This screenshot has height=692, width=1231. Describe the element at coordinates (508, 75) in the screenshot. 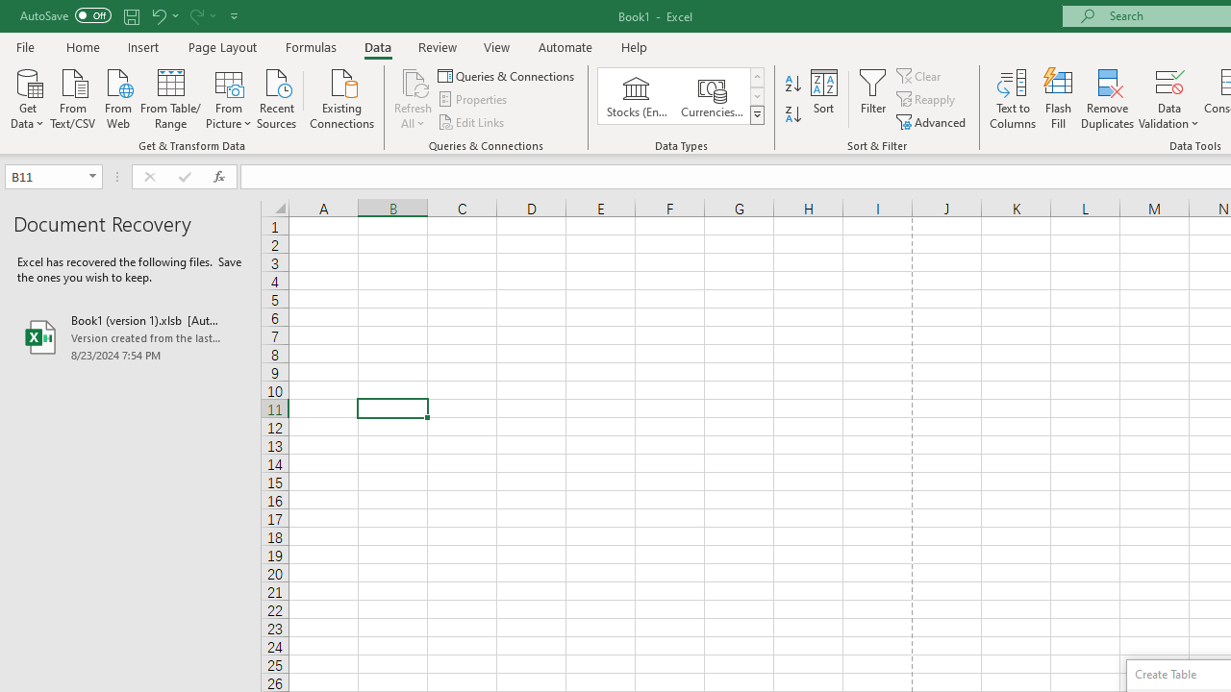

I see `'Queries & Connections'` at that location.